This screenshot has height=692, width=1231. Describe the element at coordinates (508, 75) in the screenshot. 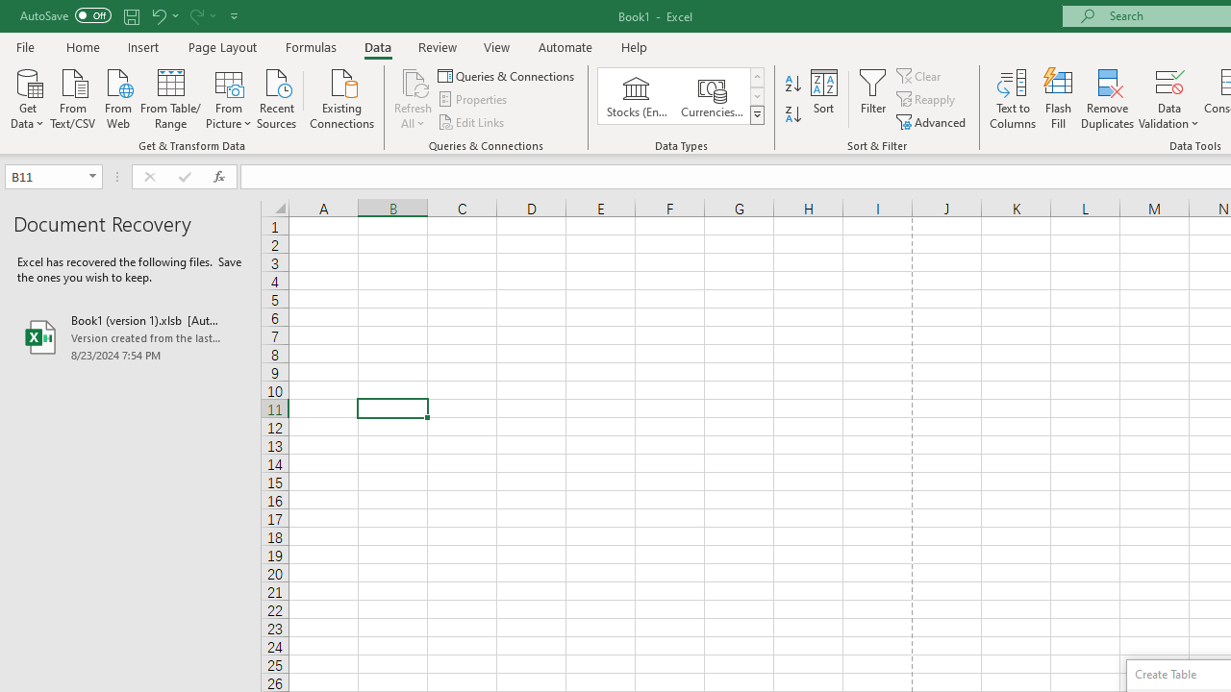

I see `'Queries & Connections'` at that location.